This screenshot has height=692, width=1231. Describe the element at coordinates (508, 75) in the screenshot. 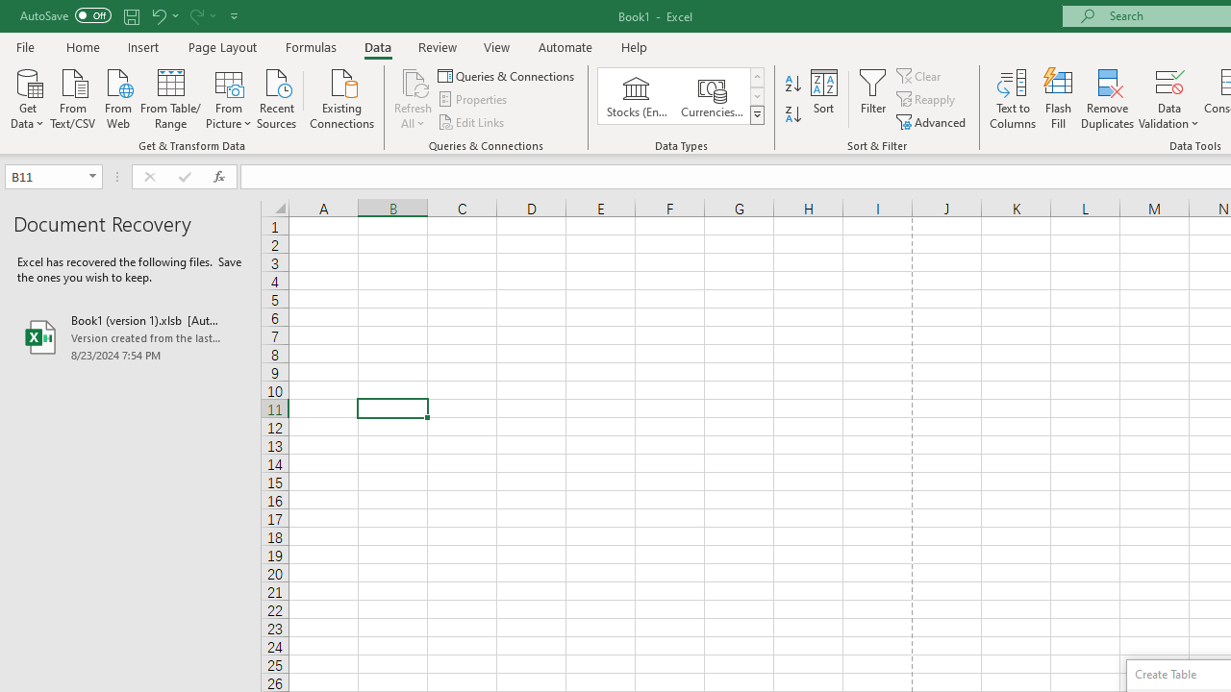

I see `'Queries & Connections'` at that location.